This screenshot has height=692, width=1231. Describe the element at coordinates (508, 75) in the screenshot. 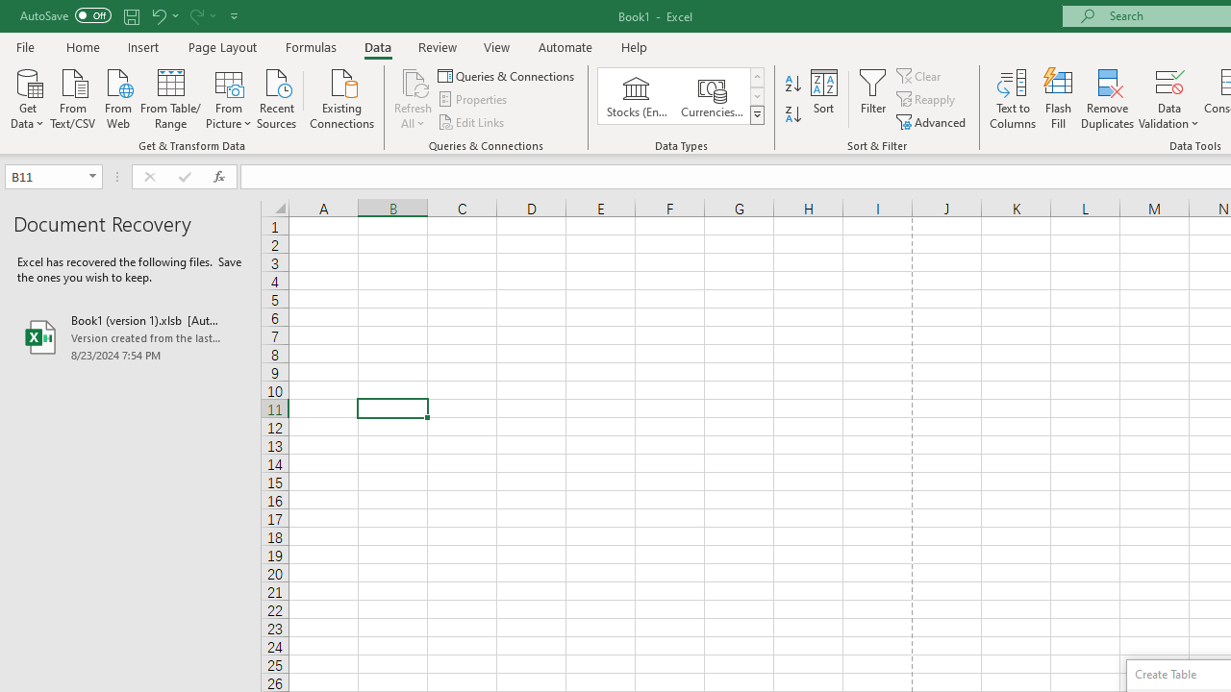

I see `'Queries & Connections'` at that location.